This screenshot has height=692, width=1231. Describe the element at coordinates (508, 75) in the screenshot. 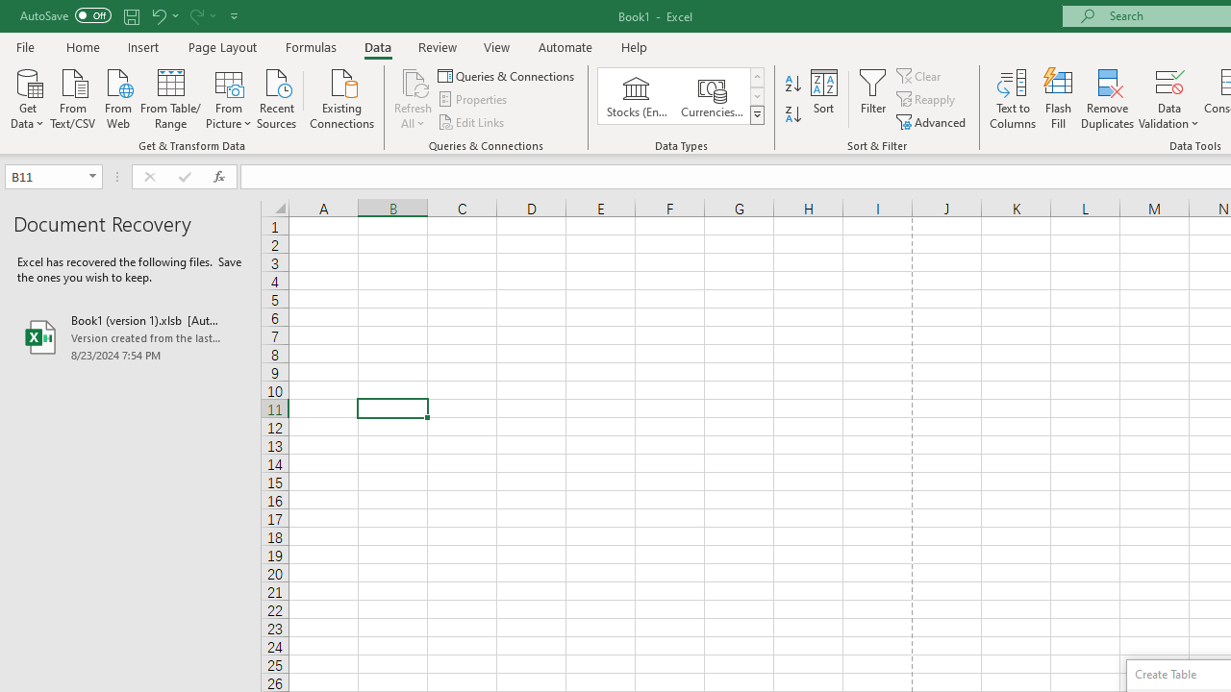

I see `'Queries & Connections'` at that location.